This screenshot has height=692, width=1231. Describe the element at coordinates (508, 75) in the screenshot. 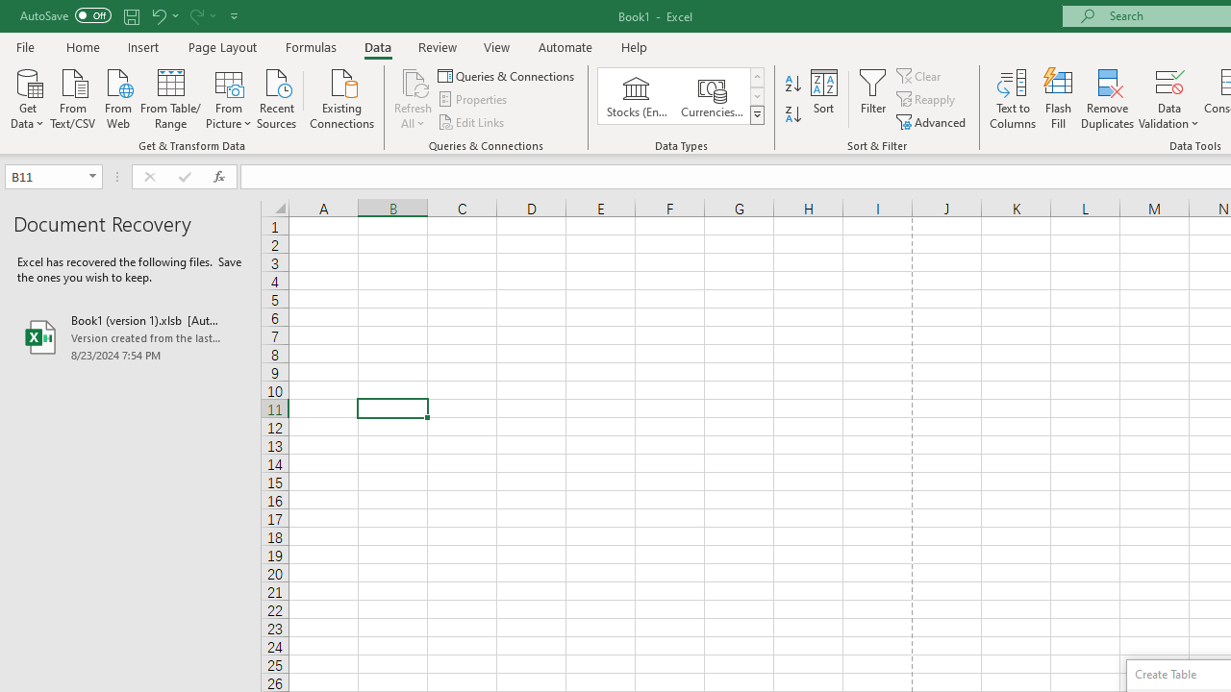

I see `'Queries & Connections'` at that location.